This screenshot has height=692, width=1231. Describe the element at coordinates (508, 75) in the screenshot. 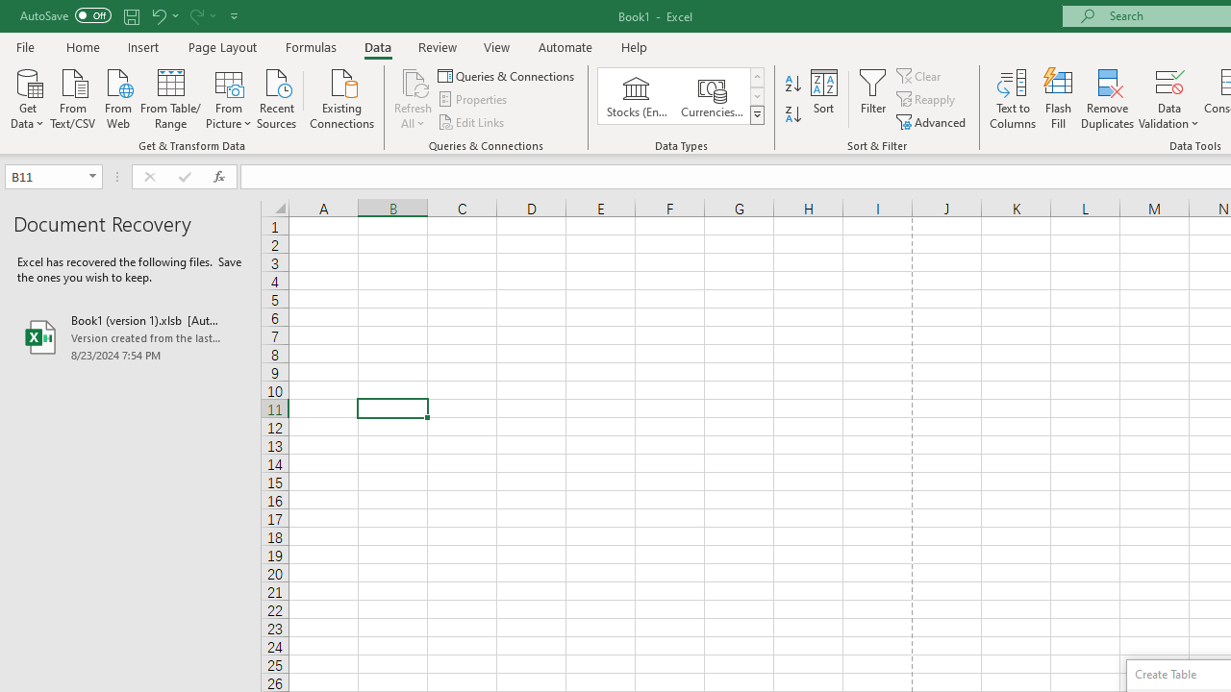

I see `'Queries & Connections'` at that location.